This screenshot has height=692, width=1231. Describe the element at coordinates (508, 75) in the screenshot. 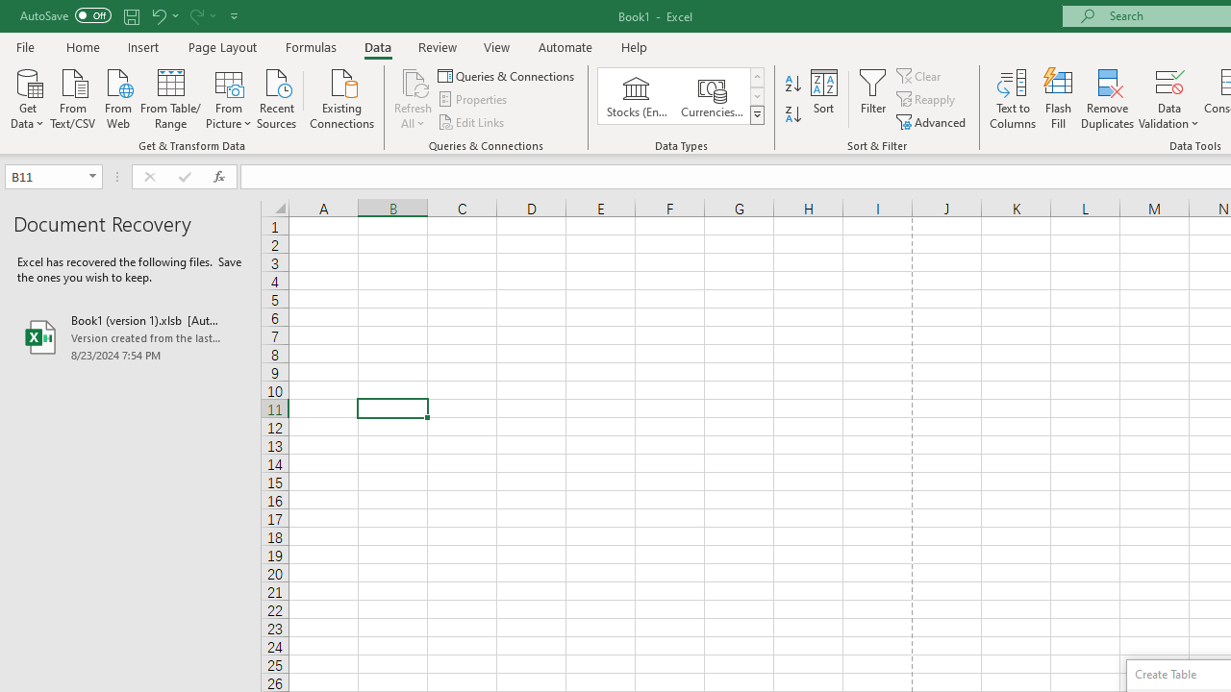

I see `'Queries & Connections'` at that location.